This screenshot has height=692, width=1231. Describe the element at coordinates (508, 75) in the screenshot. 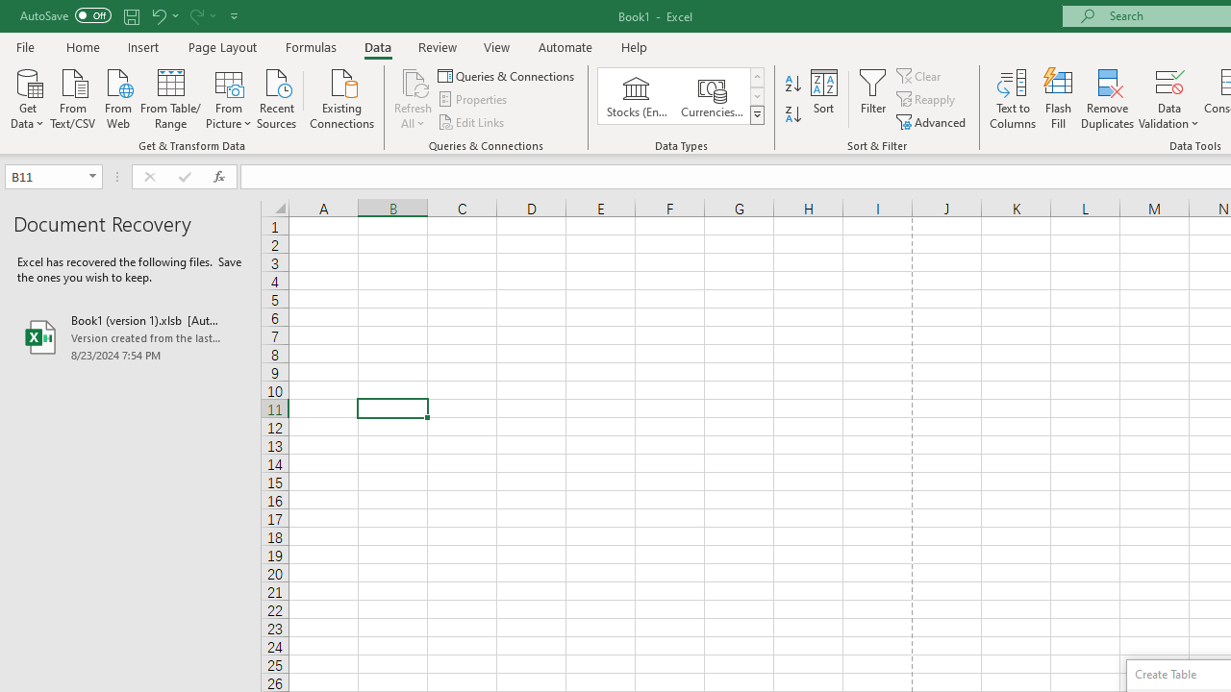

I see `'Queries & Connections'` at that location.